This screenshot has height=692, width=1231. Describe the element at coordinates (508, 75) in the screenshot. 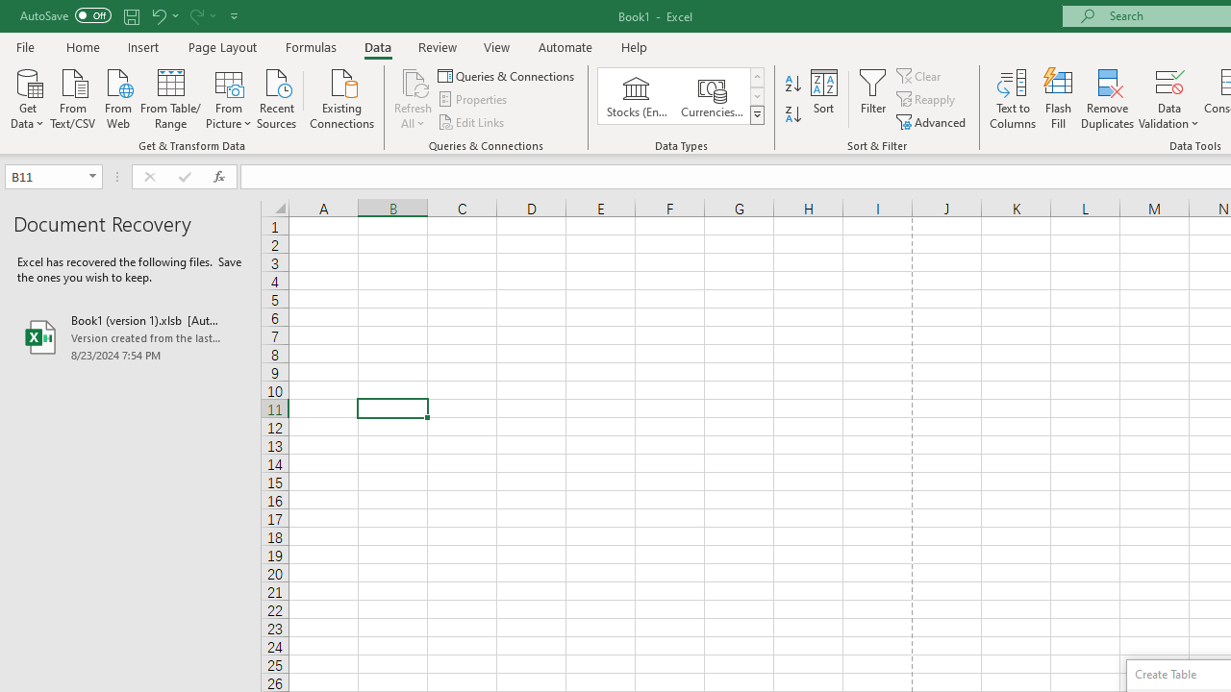

I see `'Queries & Connections'` at that location.